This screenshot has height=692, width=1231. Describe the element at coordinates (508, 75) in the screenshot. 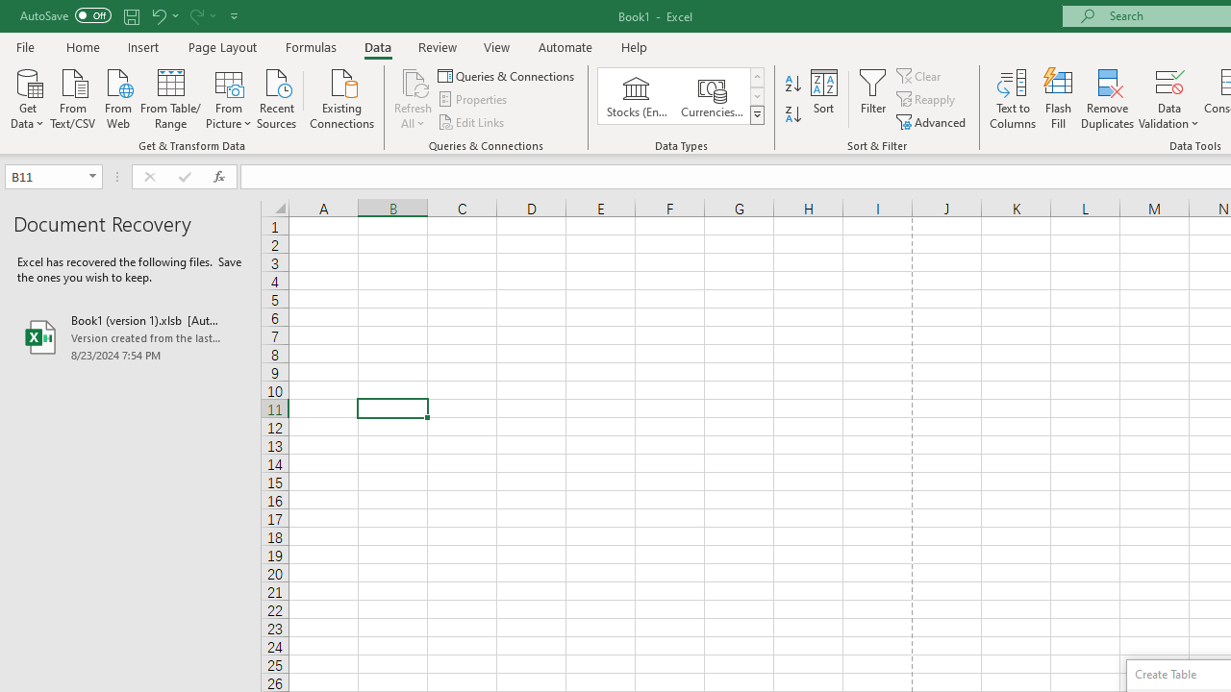

I see `'Queries & Connections'` at that location.